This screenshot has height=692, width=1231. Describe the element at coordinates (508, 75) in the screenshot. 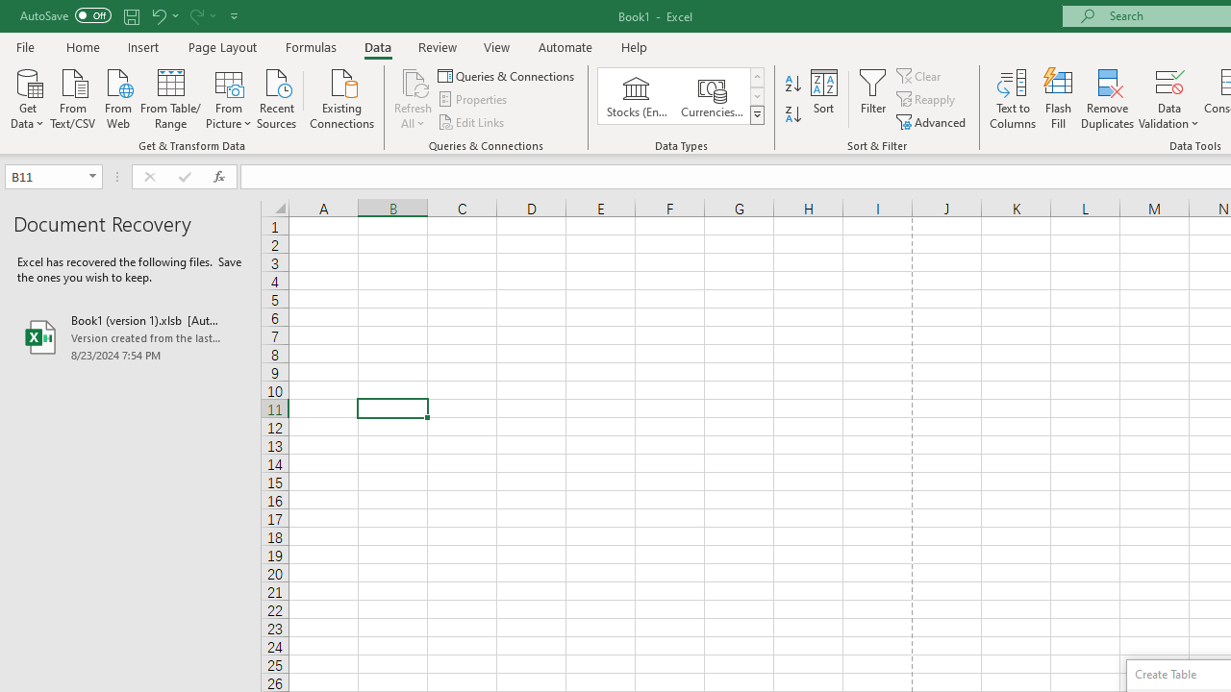

I see `'Queries & Connections'` at that location.